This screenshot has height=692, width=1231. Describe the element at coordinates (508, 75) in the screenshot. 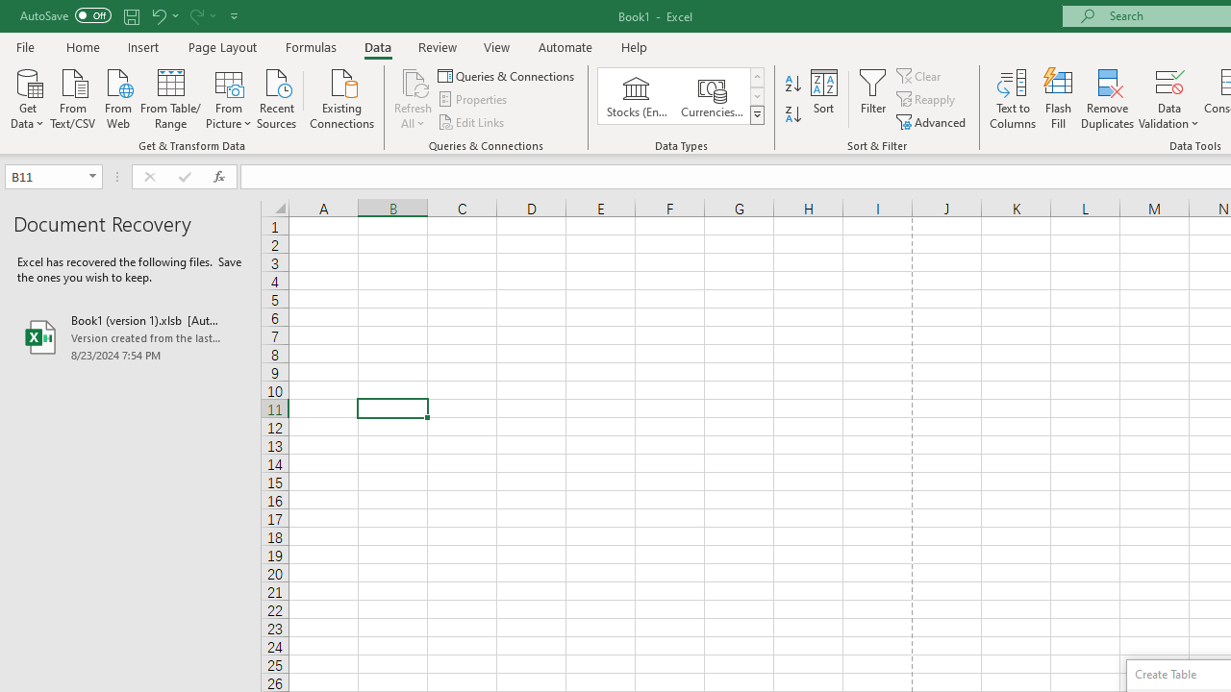

I see `'Queries & Connections'` at that location.